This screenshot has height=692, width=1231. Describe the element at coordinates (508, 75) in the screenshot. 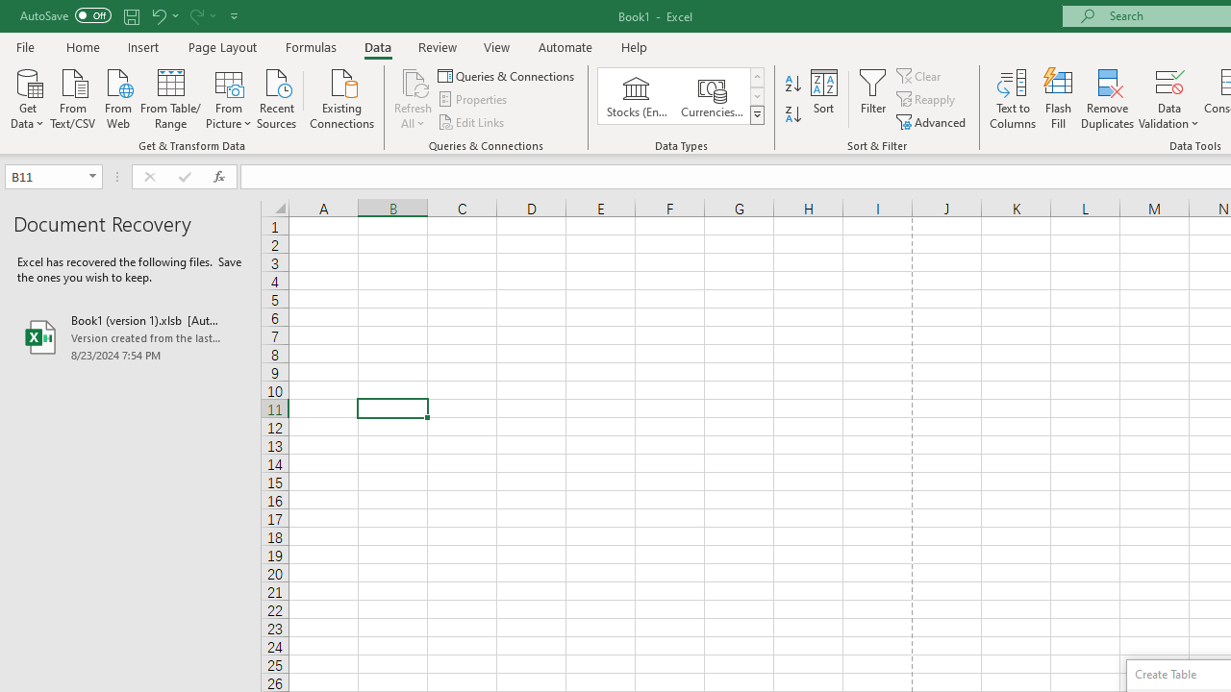

I see `'Queries & Connections'` at that location.